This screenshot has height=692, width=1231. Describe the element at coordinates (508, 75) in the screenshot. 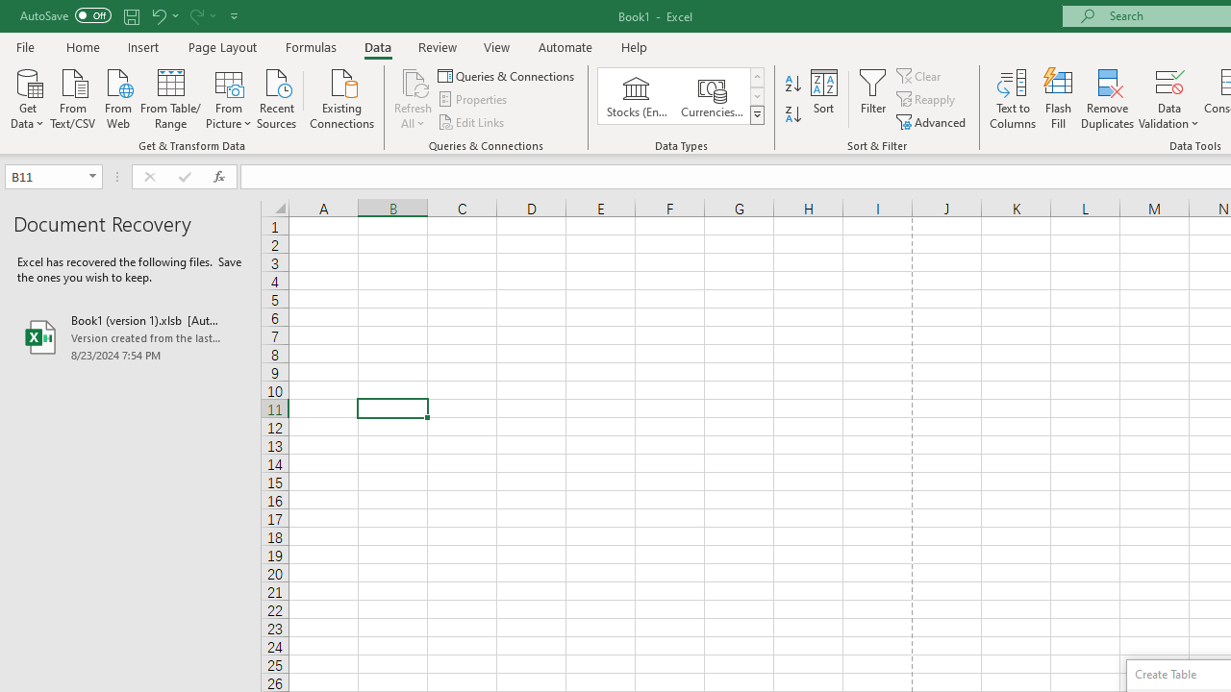

I see `'Queries & Connections'` at that location.